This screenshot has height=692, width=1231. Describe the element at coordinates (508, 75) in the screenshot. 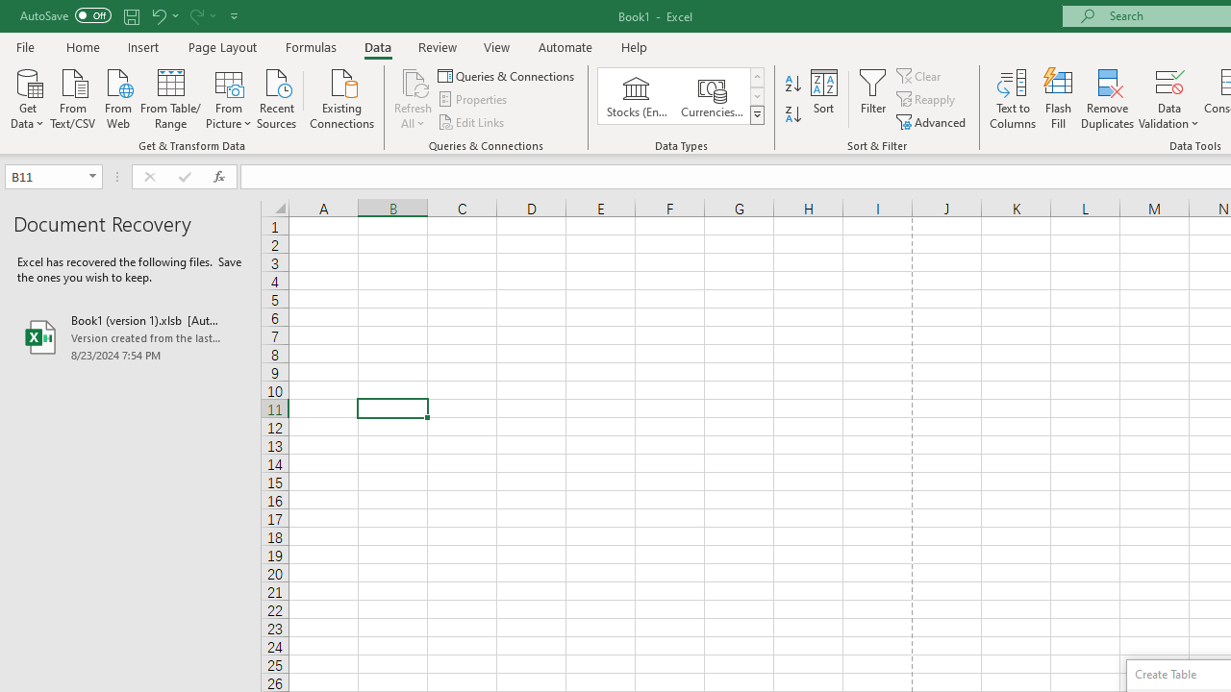

I see `'Queries & Connections'` at that location.